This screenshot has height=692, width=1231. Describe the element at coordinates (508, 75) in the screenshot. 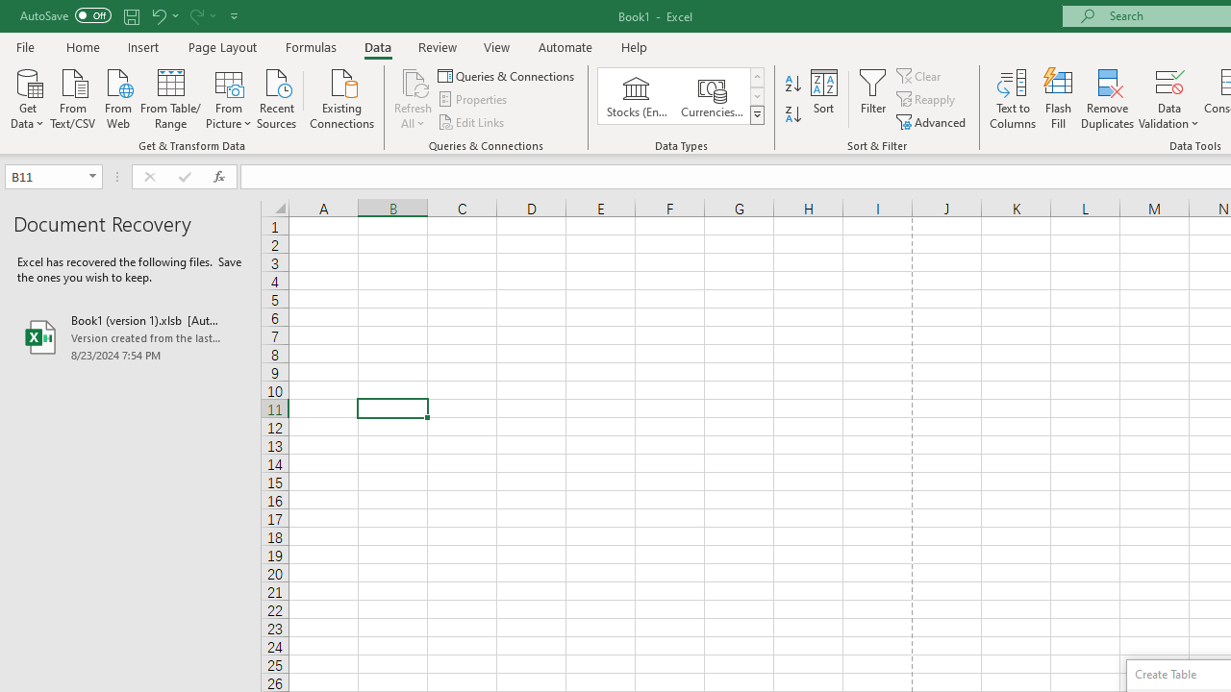

I see `'Queries & Connections'` at that location.